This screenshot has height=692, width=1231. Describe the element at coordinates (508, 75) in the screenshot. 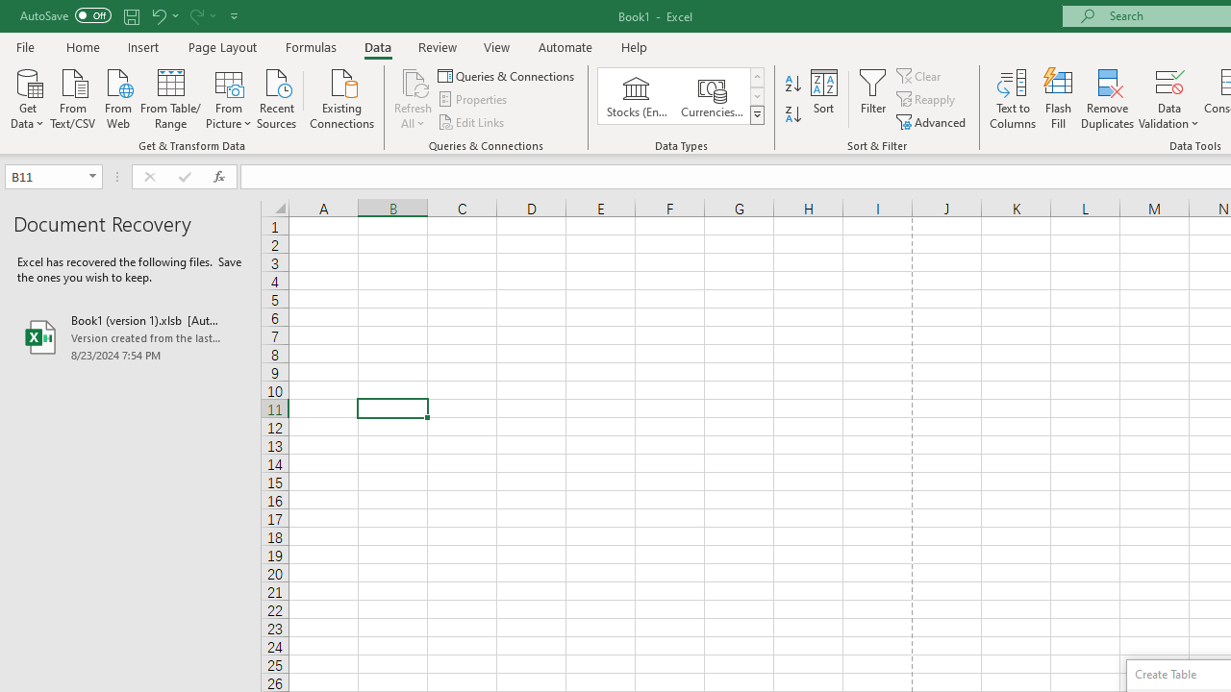

I see `'Queries & Connections'` at that location.